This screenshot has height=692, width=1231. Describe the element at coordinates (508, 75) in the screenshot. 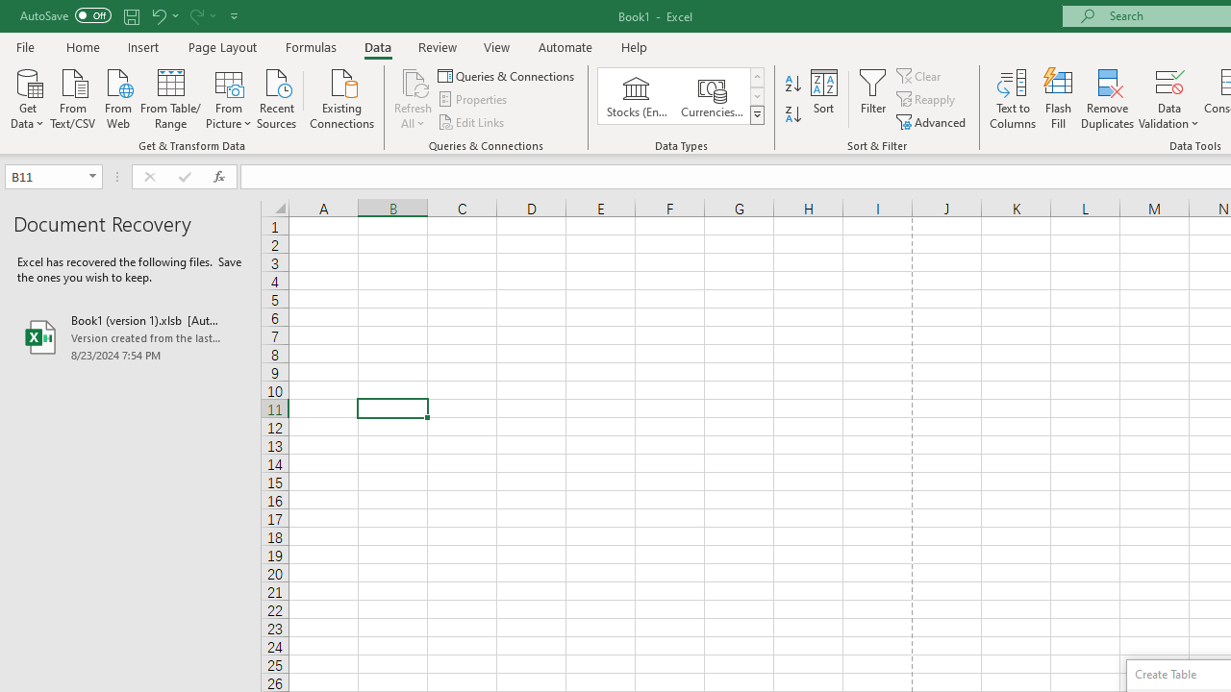

I see `'Queries & Connections'` at that location.